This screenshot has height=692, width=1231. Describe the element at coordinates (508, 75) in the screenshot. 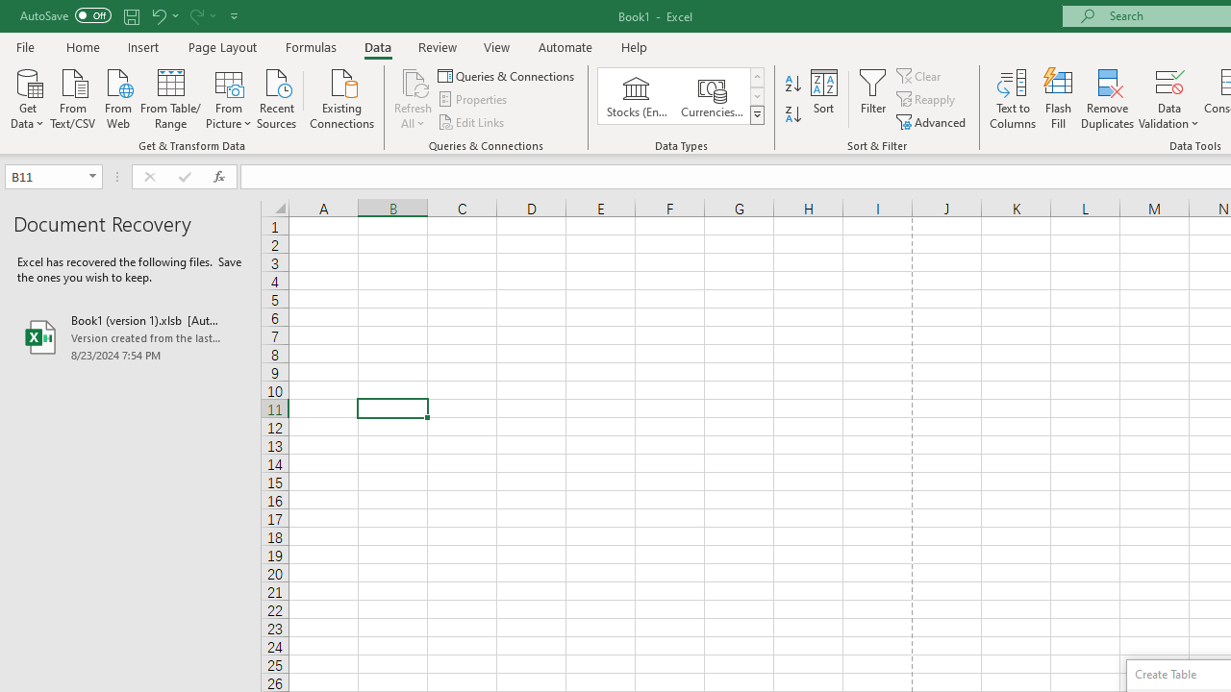

I see `'Queries & Connections'` at that location.